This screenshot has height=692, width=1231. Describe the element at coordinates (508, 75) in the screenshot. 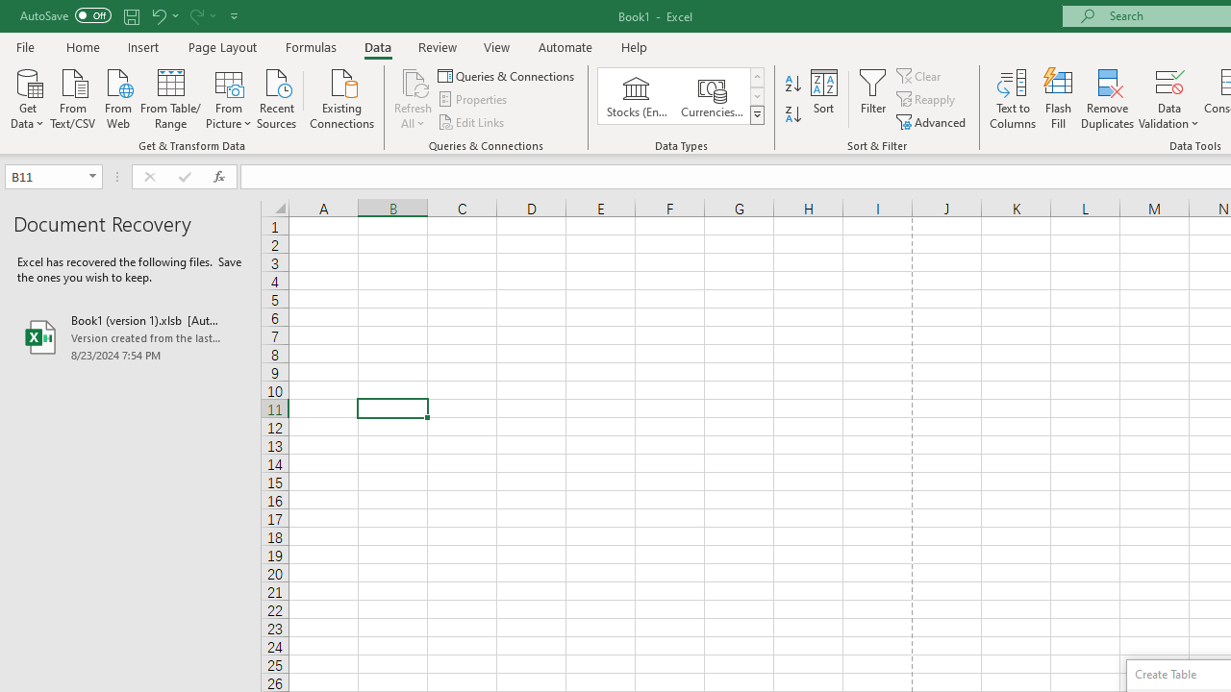

I see `'Queries & Connections'` at that location.